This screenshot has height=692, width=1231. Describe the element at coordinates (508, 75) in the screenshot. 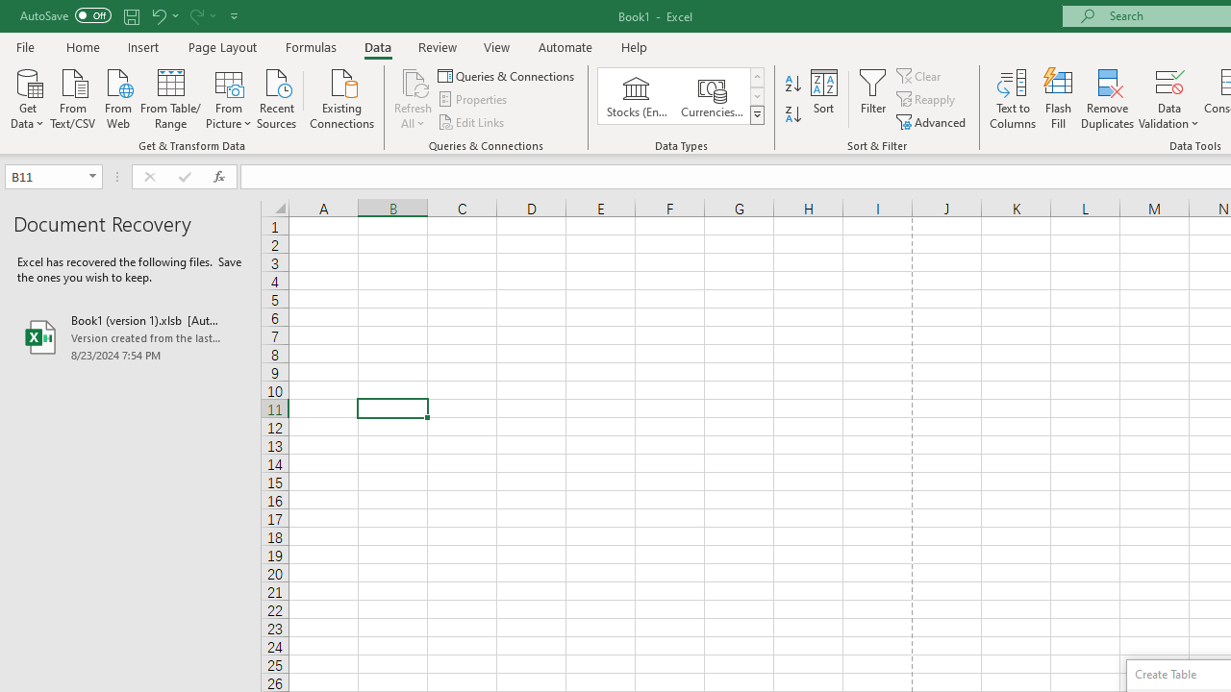

I see `'Queries & Connections'` at that location.